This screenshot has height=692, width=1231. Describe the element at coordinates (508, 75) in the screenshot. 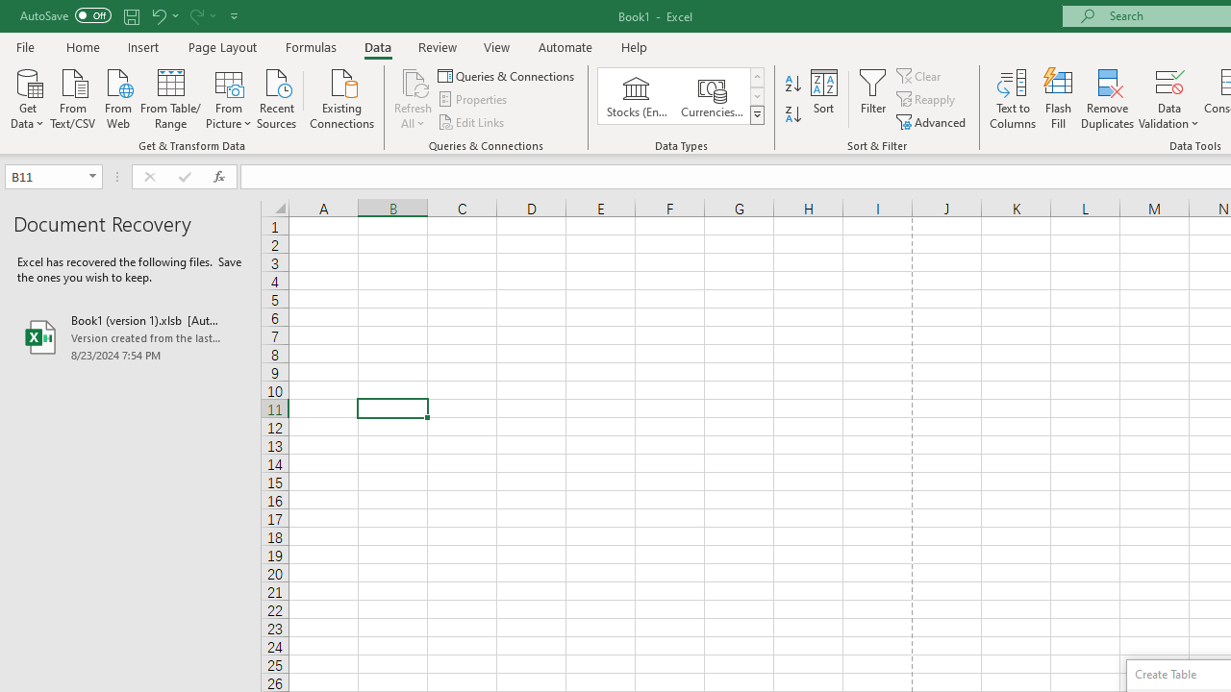

I see `'Queries & Connections'` at that location.